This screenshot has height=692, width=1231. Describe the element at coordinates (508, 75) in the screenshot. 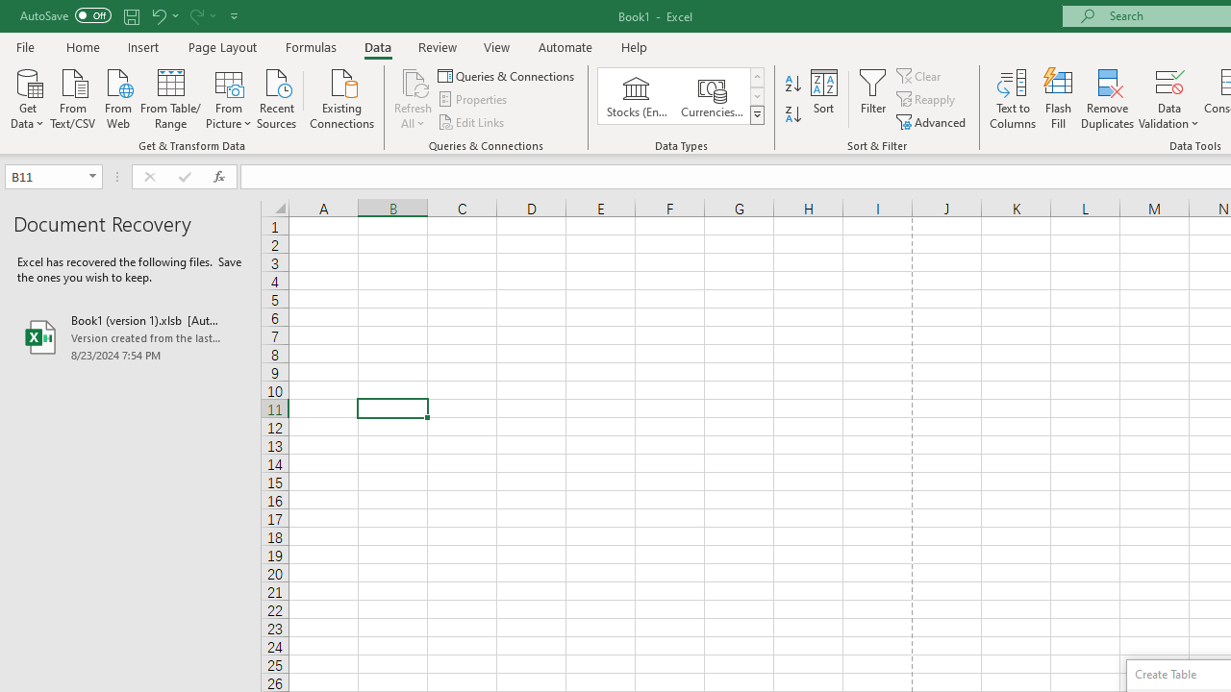

I see `'Queries & Connections'` at that location.